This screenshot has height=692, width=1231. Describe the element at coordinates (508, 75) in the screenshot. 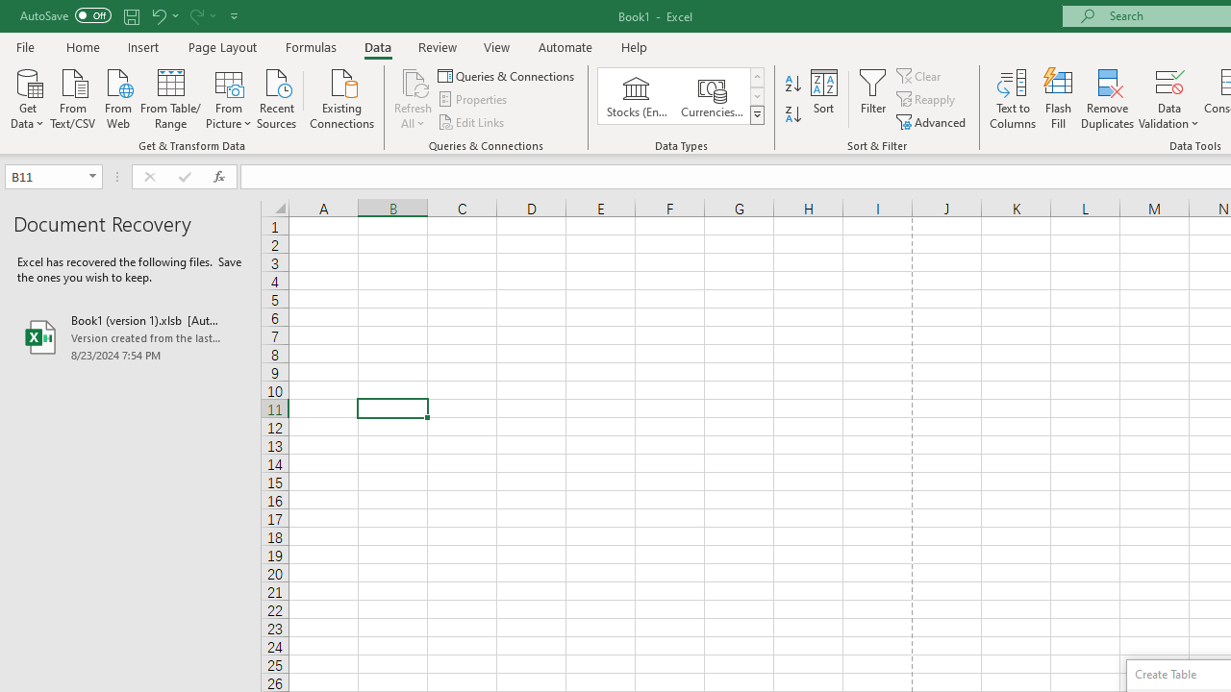

I see `'Queries & Connections'` at that location.